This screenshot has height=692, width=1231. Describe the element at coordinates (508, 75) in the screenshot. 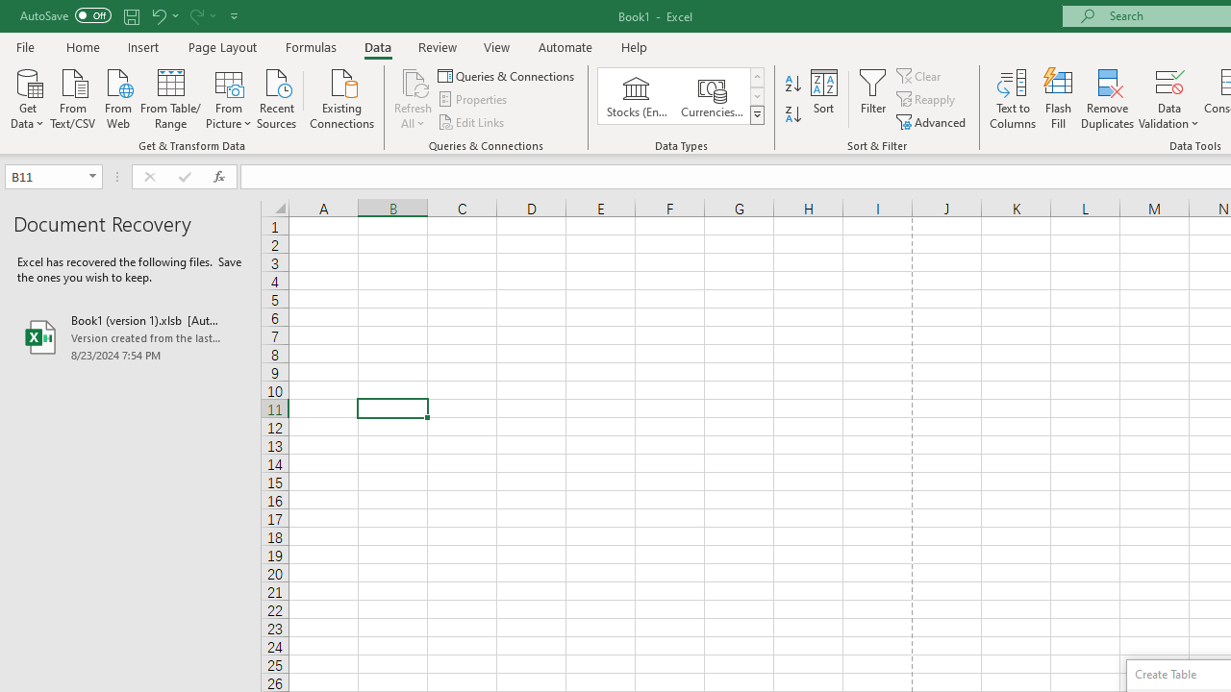

I see `'Queries & Connections'` at that location.